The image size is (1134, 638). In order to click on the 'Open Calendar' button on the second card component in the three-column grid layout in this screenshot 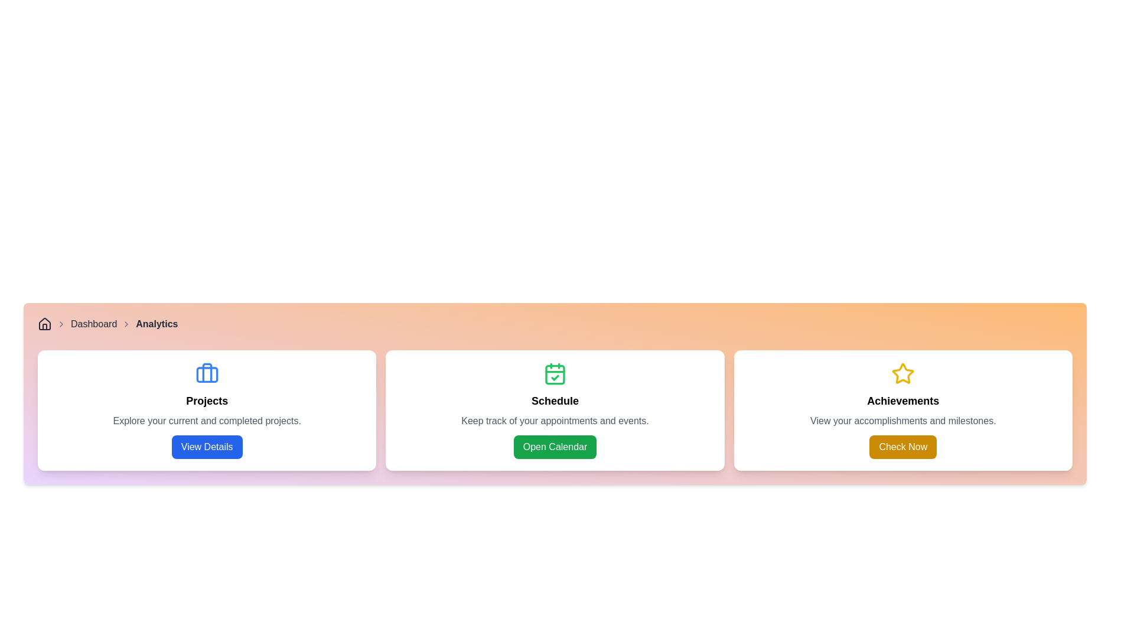, I will do `click(555, 409)`.